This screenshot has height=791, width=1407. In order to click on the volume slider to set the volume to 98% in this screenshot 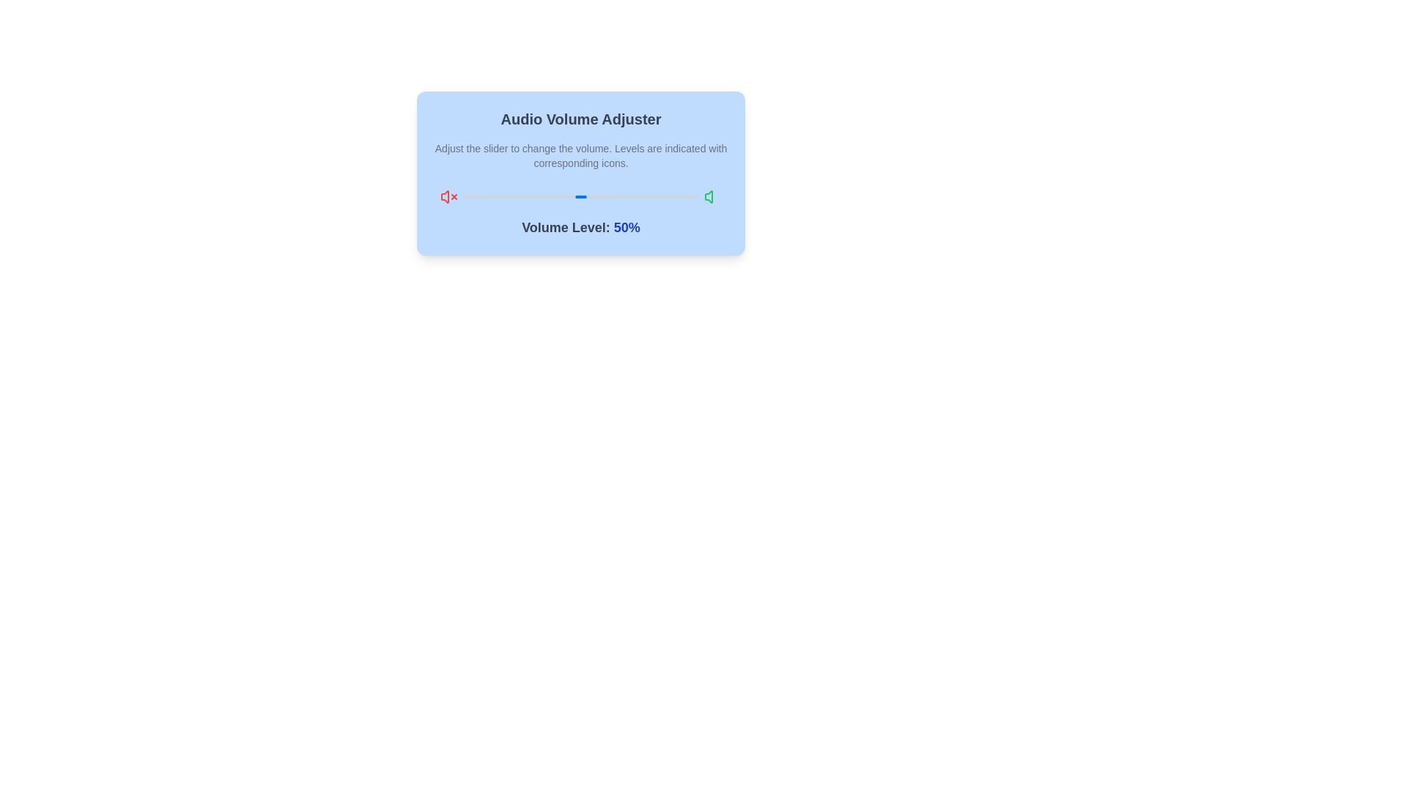, I will do `click(693, 196)`.